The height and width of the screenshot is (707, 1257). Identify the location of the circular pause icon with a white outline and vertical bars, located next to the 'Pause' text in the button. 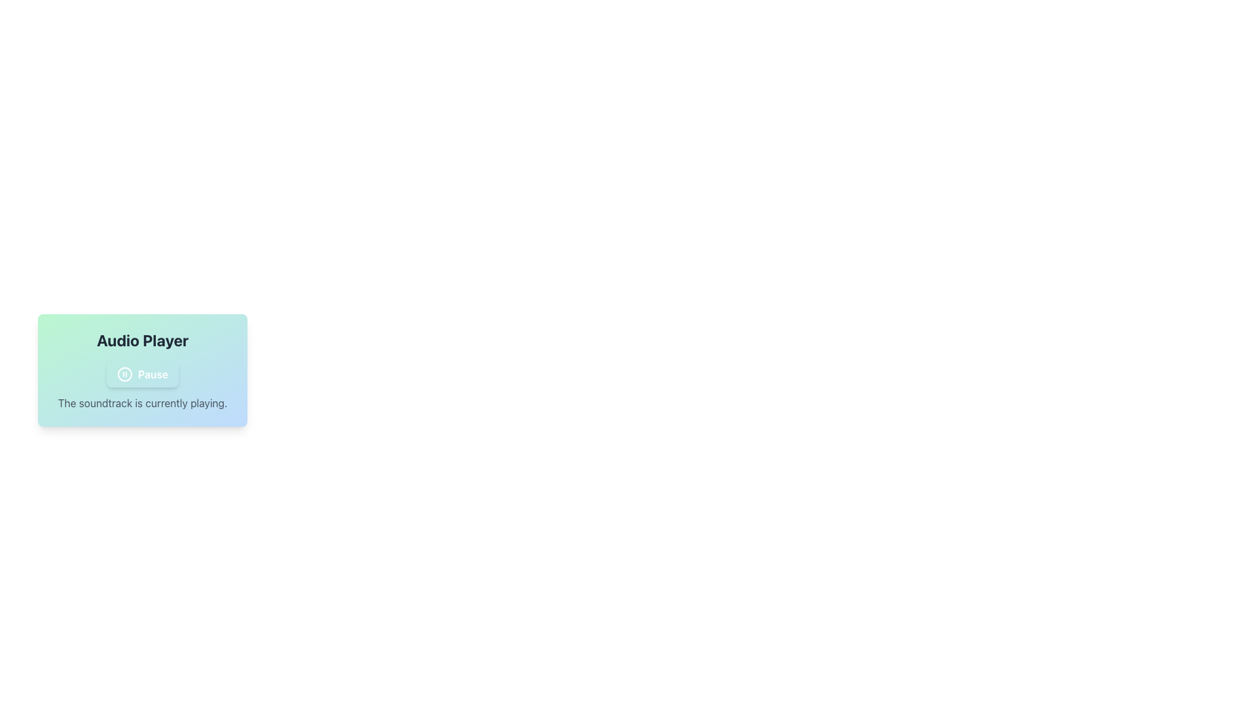
(125, 374).